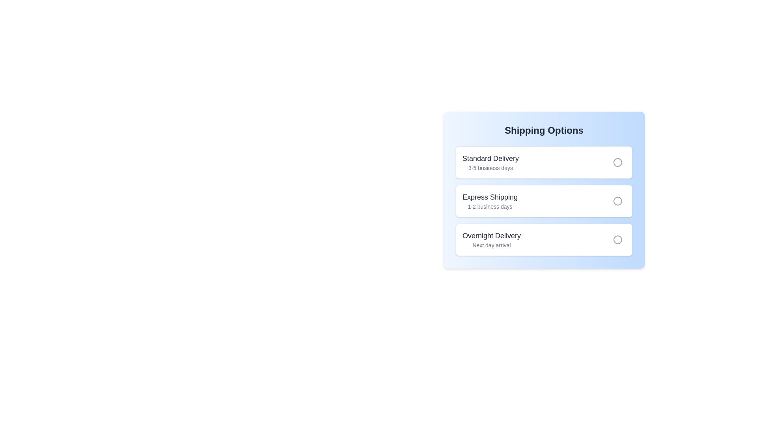 This screenshot has width=757, height=426. I want to click on the circular selection indicator for the 'Standard Delivery' shipping option, so click(617, 162).